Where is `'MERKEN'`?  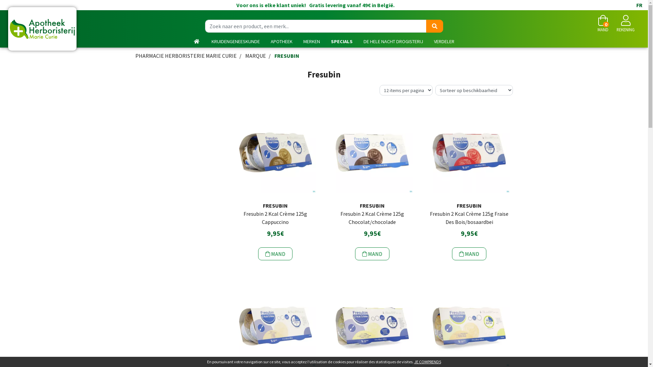
'MERKEN' is located at coordinates (311, 42).